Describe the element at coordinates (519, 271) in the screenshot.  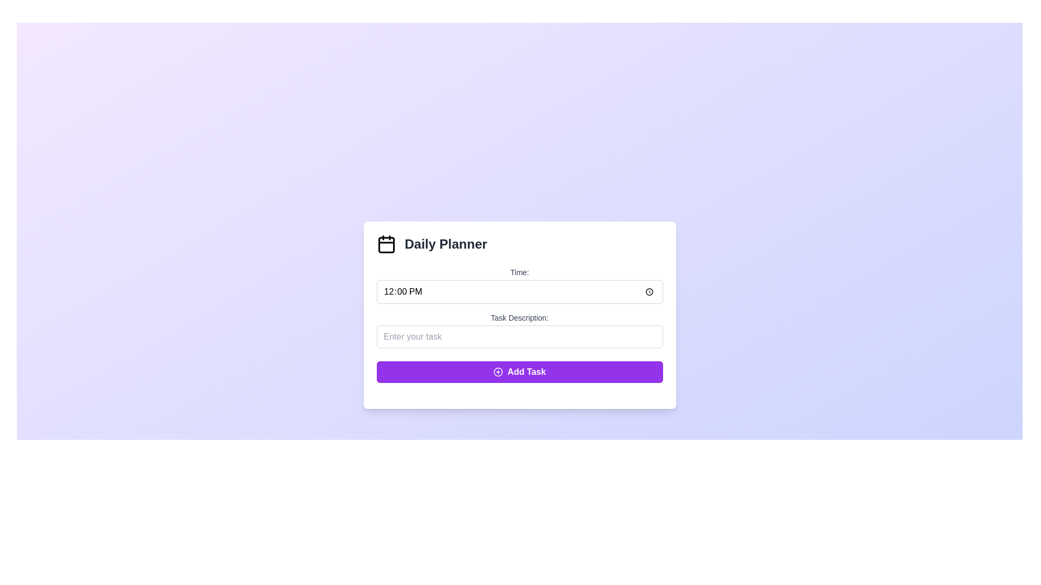
I see `the Text label that describes the purpose of the time input field, positioned above it in the 'Daily Planner' card` at that location.